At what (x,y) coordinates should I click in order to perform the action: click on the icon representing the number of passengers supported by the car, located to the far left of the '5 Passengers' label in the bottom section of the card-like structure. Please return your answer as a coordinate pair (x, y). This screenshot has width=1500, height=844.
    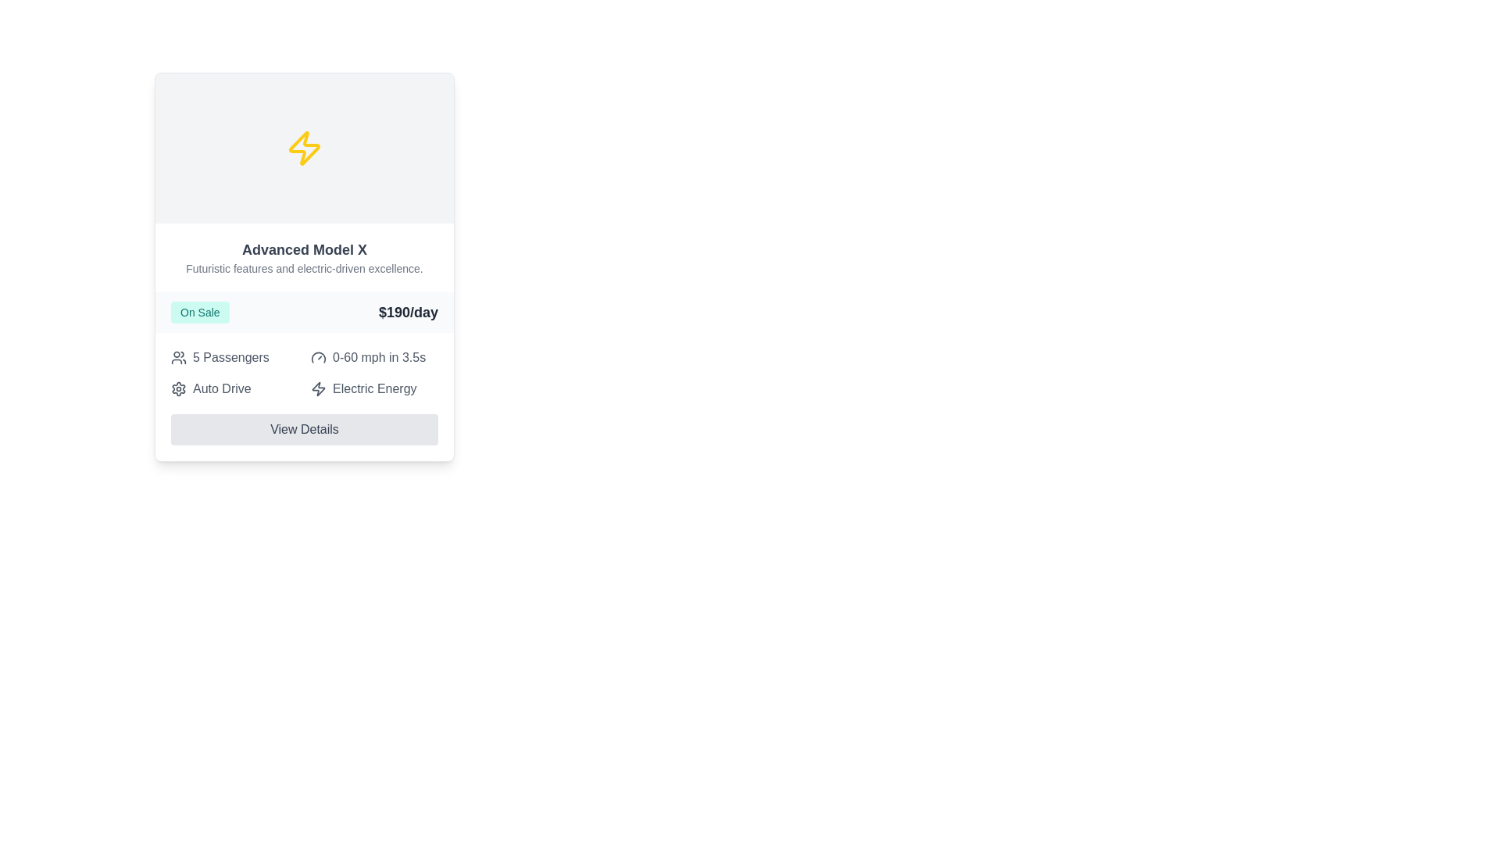
    Looking at the image, I should click on (179, 358).